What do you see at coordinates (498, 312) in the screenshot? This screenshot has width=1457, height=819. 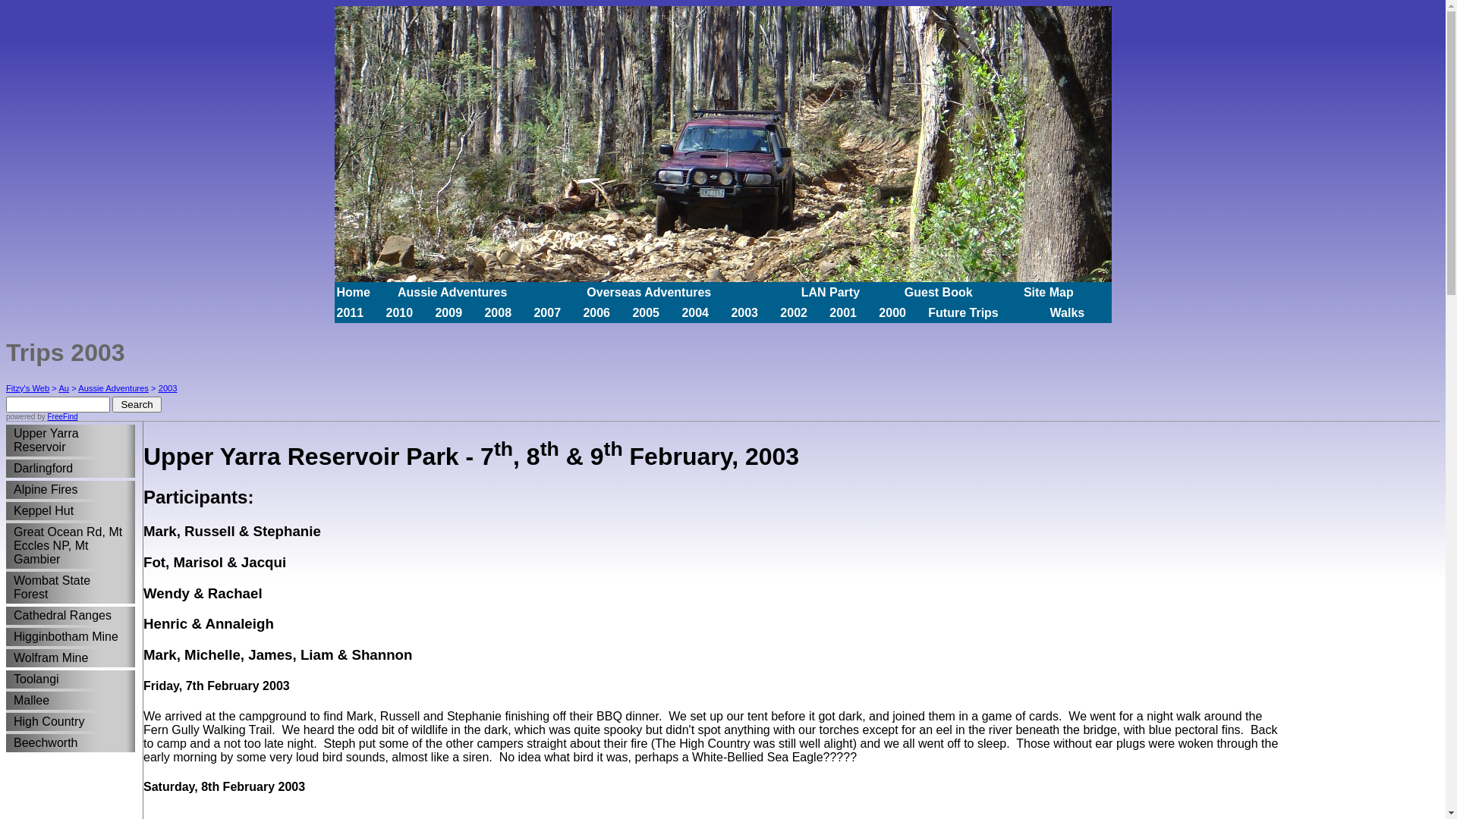 I see `'2008'` at bounding box center [498, 312].